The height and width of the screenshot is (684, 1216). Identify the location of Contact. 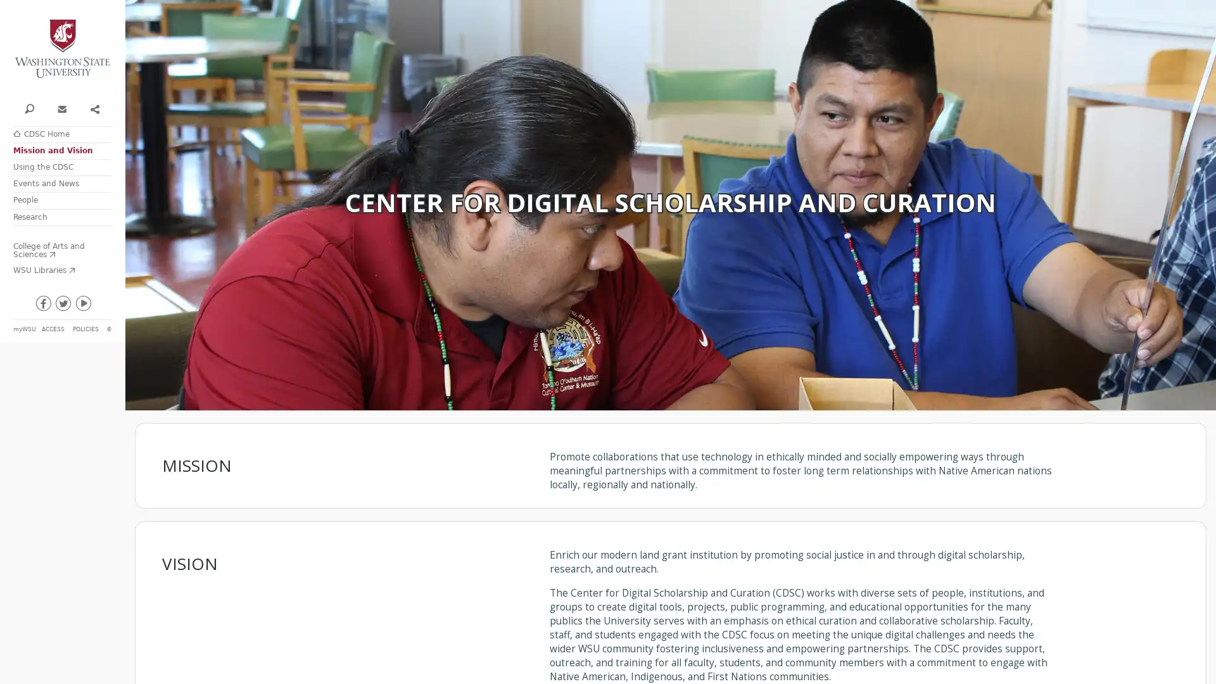
(61, 107).